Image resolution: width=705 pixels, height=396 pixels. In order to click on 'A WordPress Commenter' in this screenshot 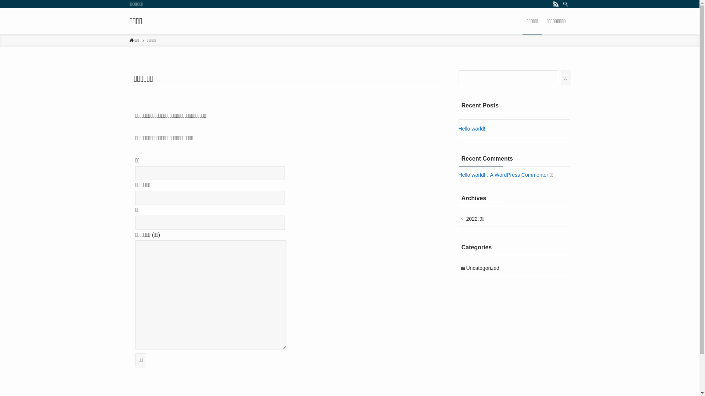, I will do `click(519, 175)`.